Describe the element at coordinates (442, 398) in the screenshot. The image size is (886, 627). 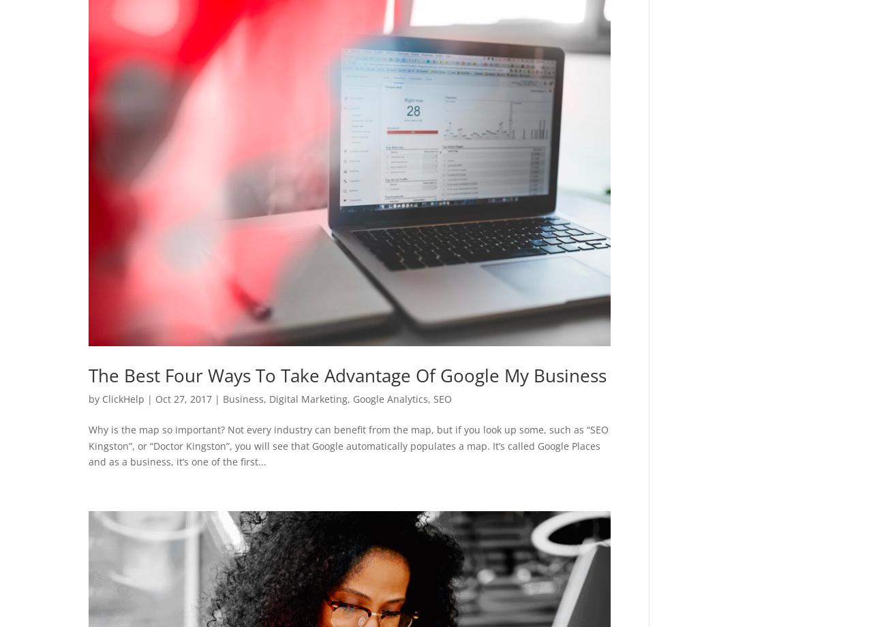
I see `'SEO'` at that location.